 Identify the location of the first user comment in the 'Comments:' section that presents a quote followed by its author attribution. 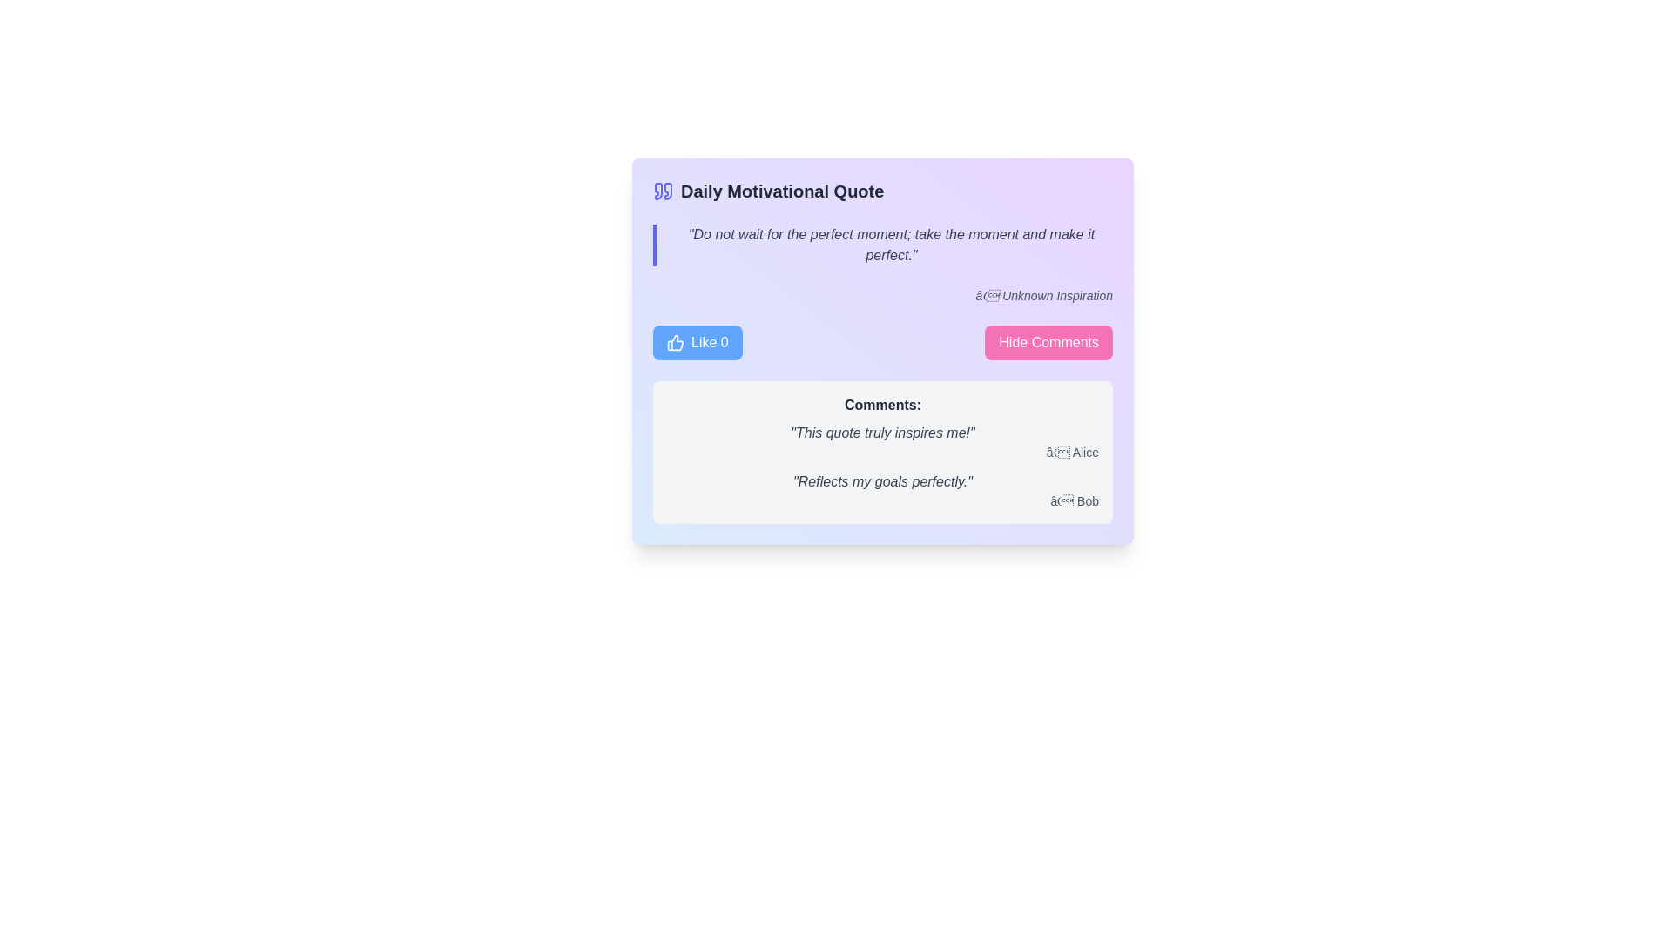
(882, 441).